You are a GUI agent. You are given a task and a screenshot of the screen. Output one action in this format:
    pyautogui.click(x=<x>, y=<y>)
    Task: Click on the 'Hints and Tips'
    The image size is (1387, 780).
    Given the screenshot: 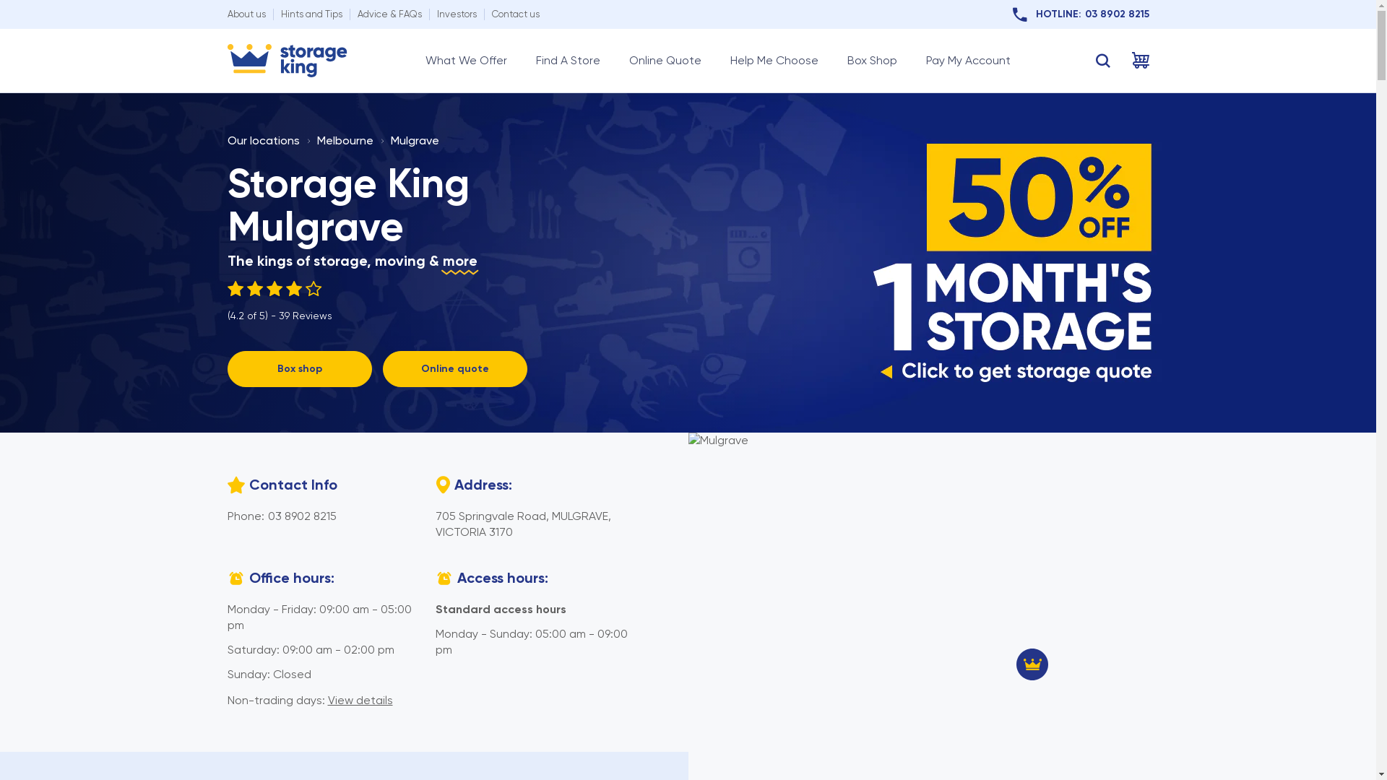 What is the action you would take?
    pyautogui.click(x=310, y=14)
    